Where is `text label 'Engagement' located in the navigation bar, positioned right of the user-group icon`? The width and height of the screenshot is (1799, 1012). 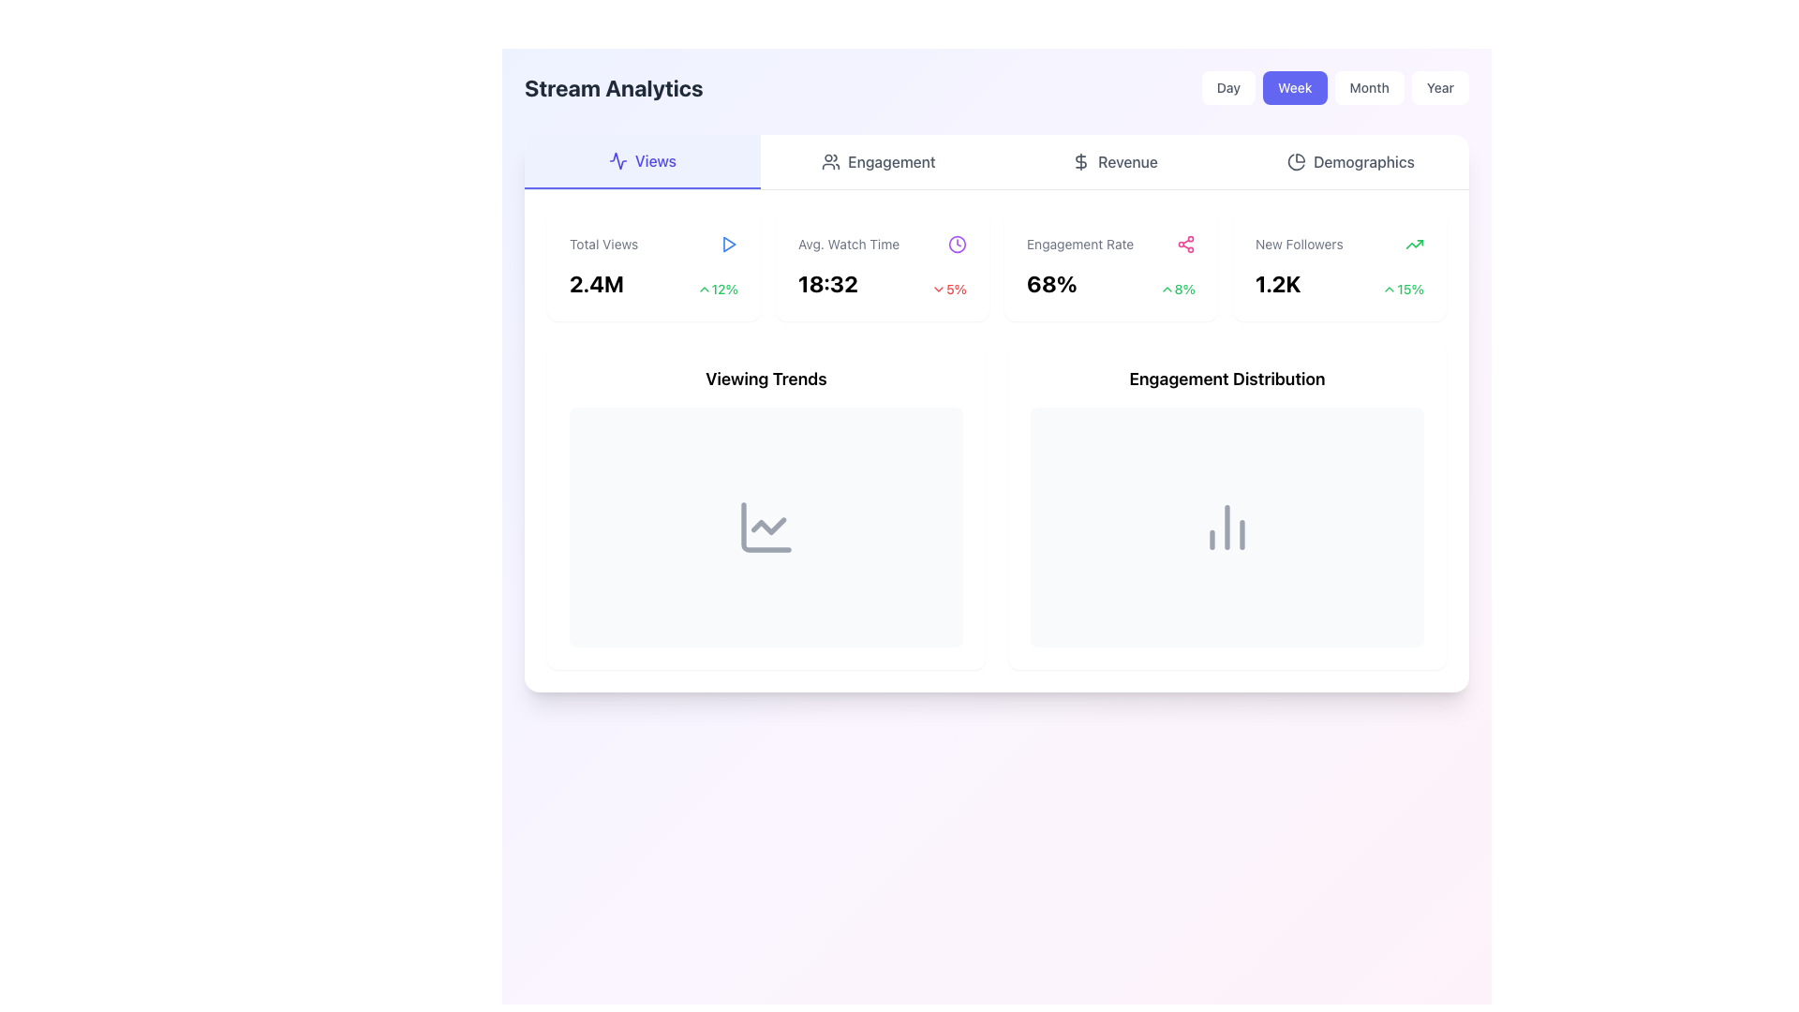
text label 'Engagement' located in the navigation bar, positioned right of the user-group icon is located at coordinates (890, 161).